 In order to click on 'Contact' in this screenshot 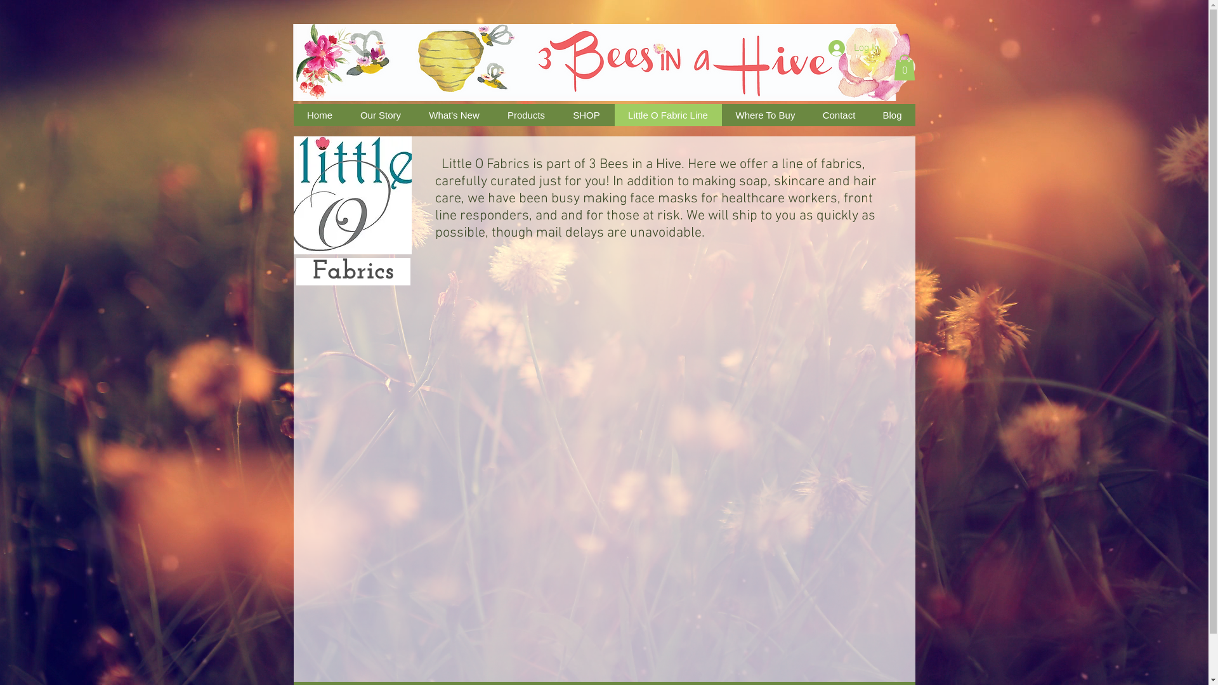, I will do `click(807, 115)`.